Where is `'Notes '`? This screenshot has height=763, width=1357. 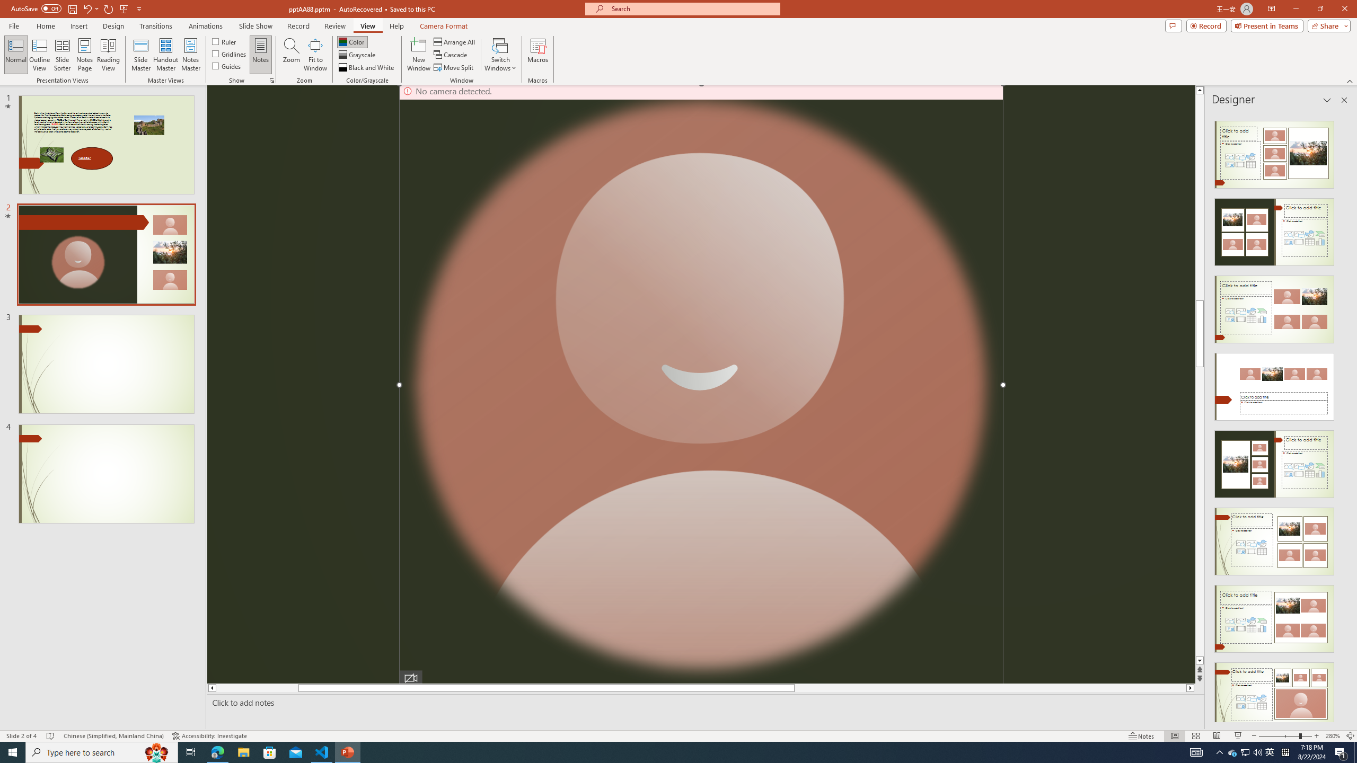 'Notes ' is located at coordinates (1141, 736).